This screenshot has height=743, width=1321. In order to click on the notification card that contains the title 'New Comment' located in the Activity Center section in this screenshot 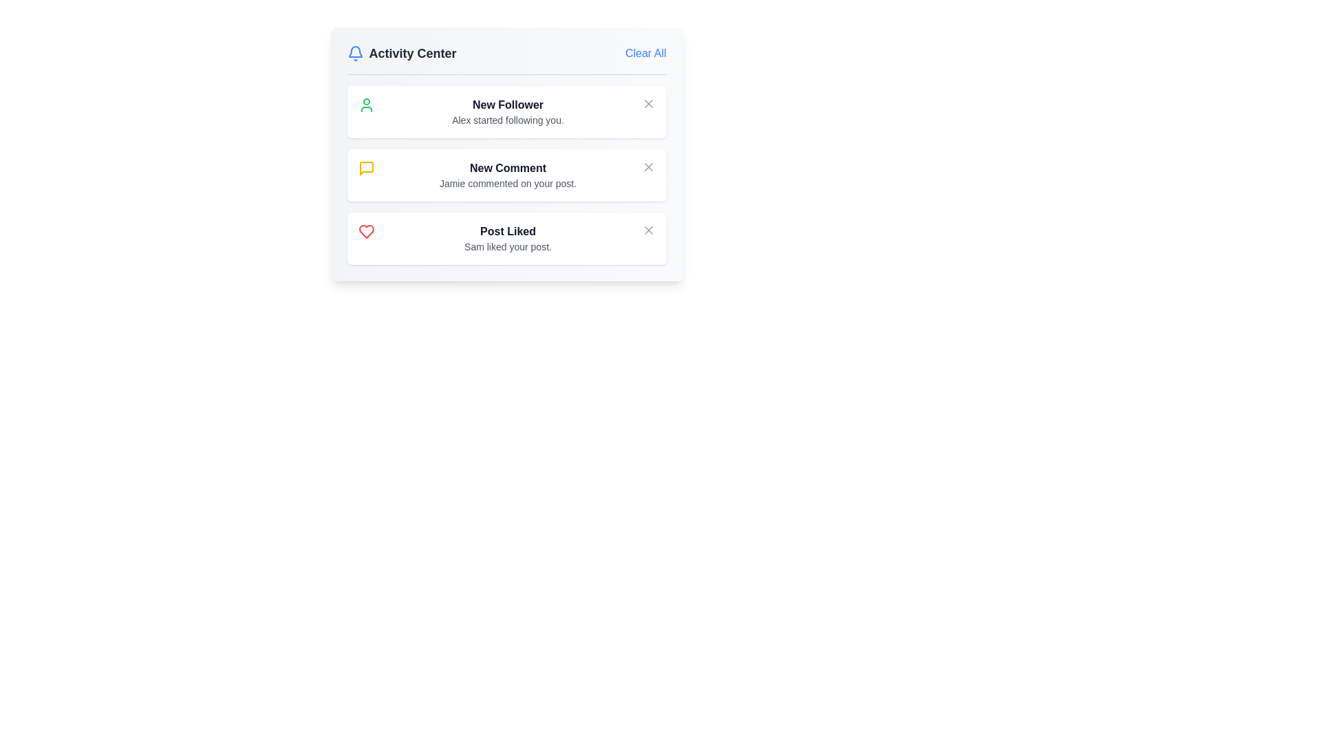, I will do `click(507, 168)`.